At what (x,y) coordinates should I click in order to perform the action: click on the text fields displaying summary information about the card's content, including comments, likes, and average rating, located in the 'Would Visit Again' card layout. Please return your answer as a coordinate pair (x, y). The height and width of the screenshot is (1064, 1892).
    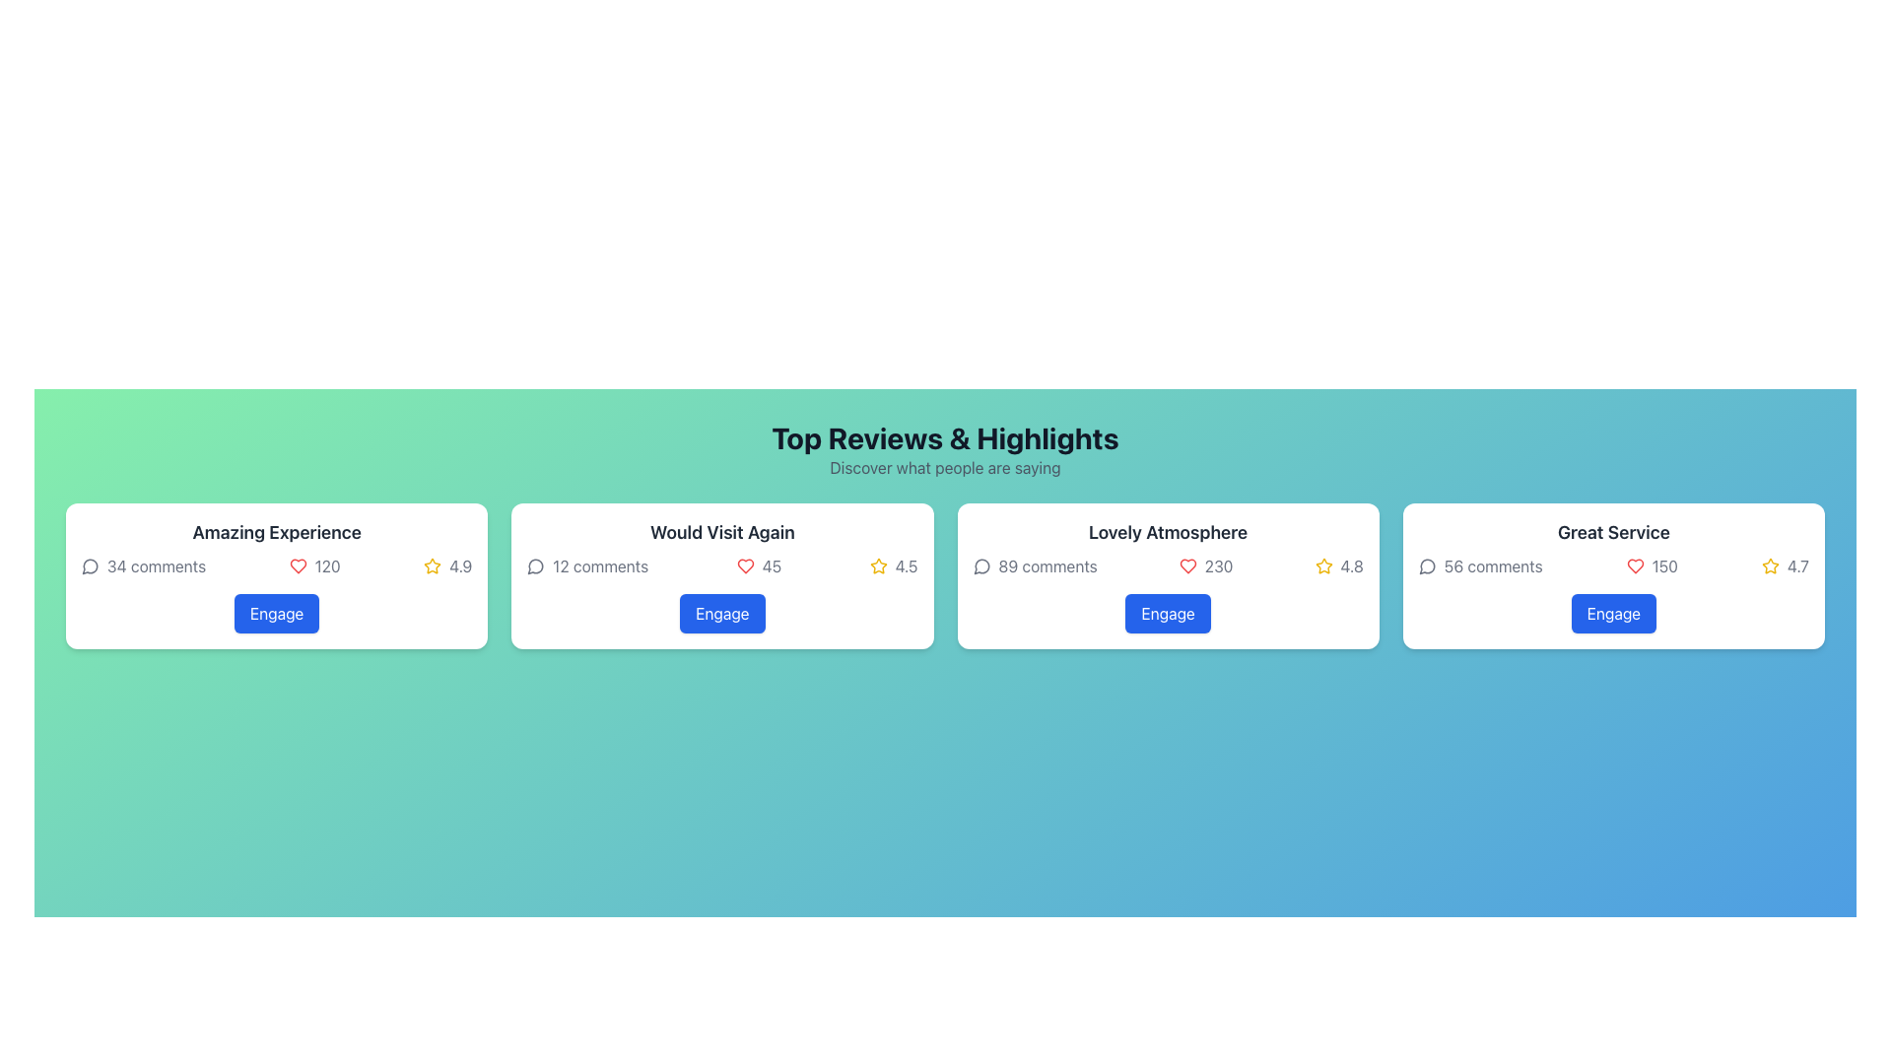
    Looking at the image, I should click on (721, 565).